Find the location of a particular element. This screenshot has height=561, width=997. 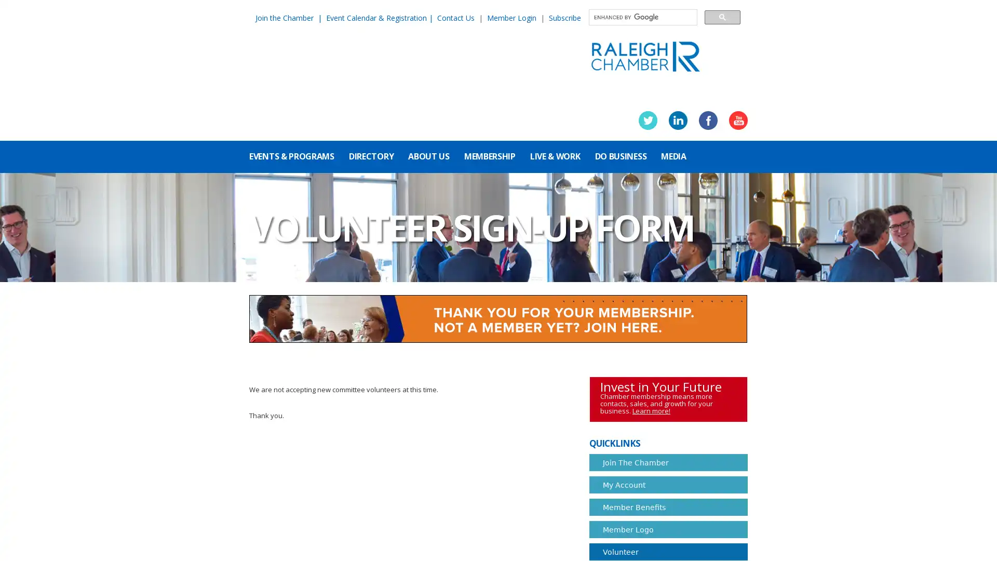

search is located at coordinates (722, 17).